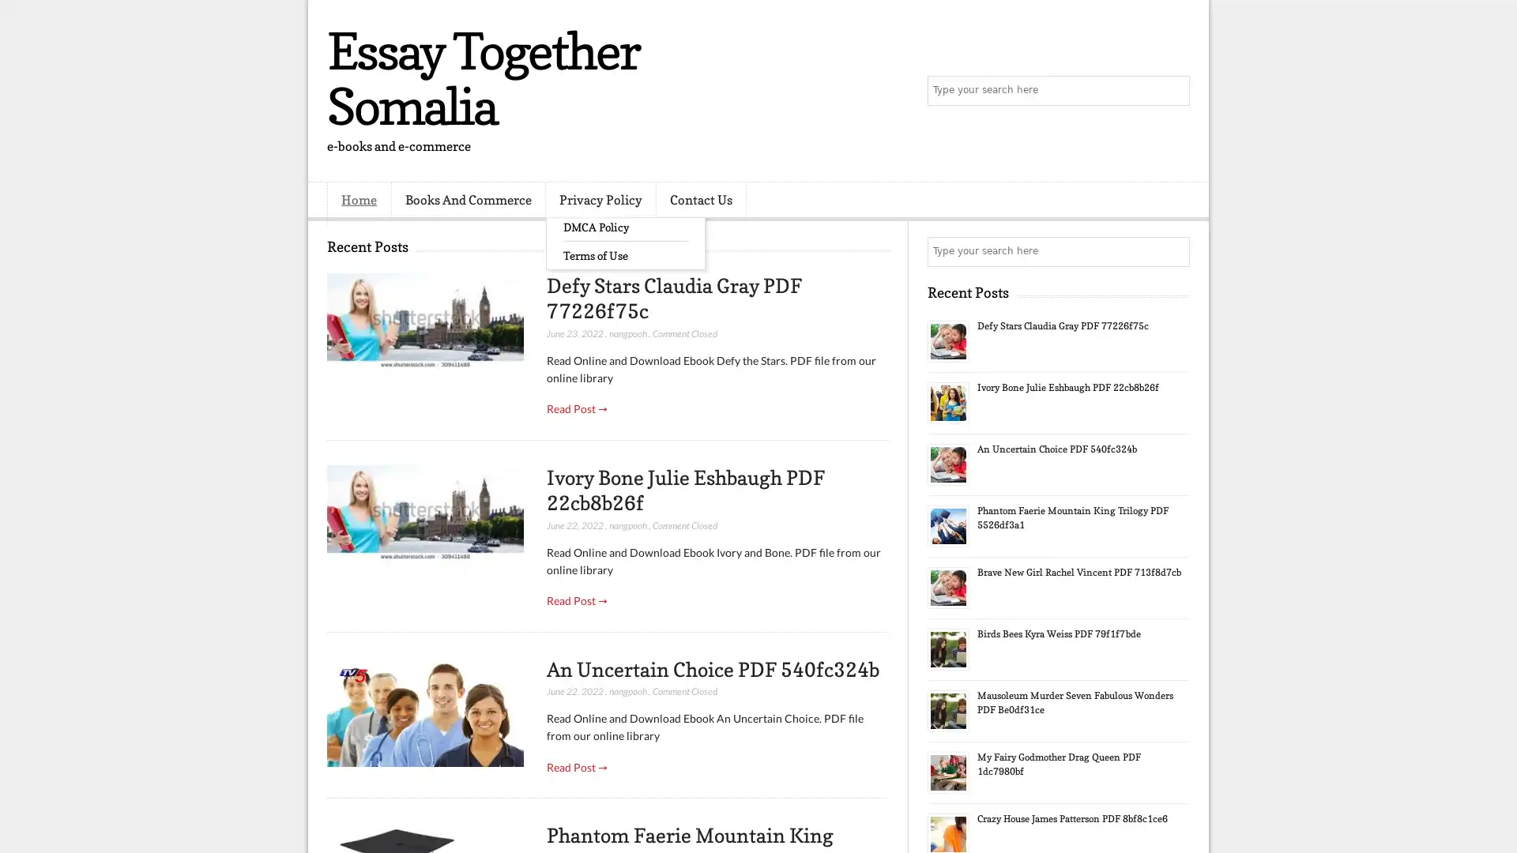 This screenshot has height=853, width=1517. What do you see at coordinates (1173, 91) in the screenshot?
I see `Search` at bounding box center [1173, 91].